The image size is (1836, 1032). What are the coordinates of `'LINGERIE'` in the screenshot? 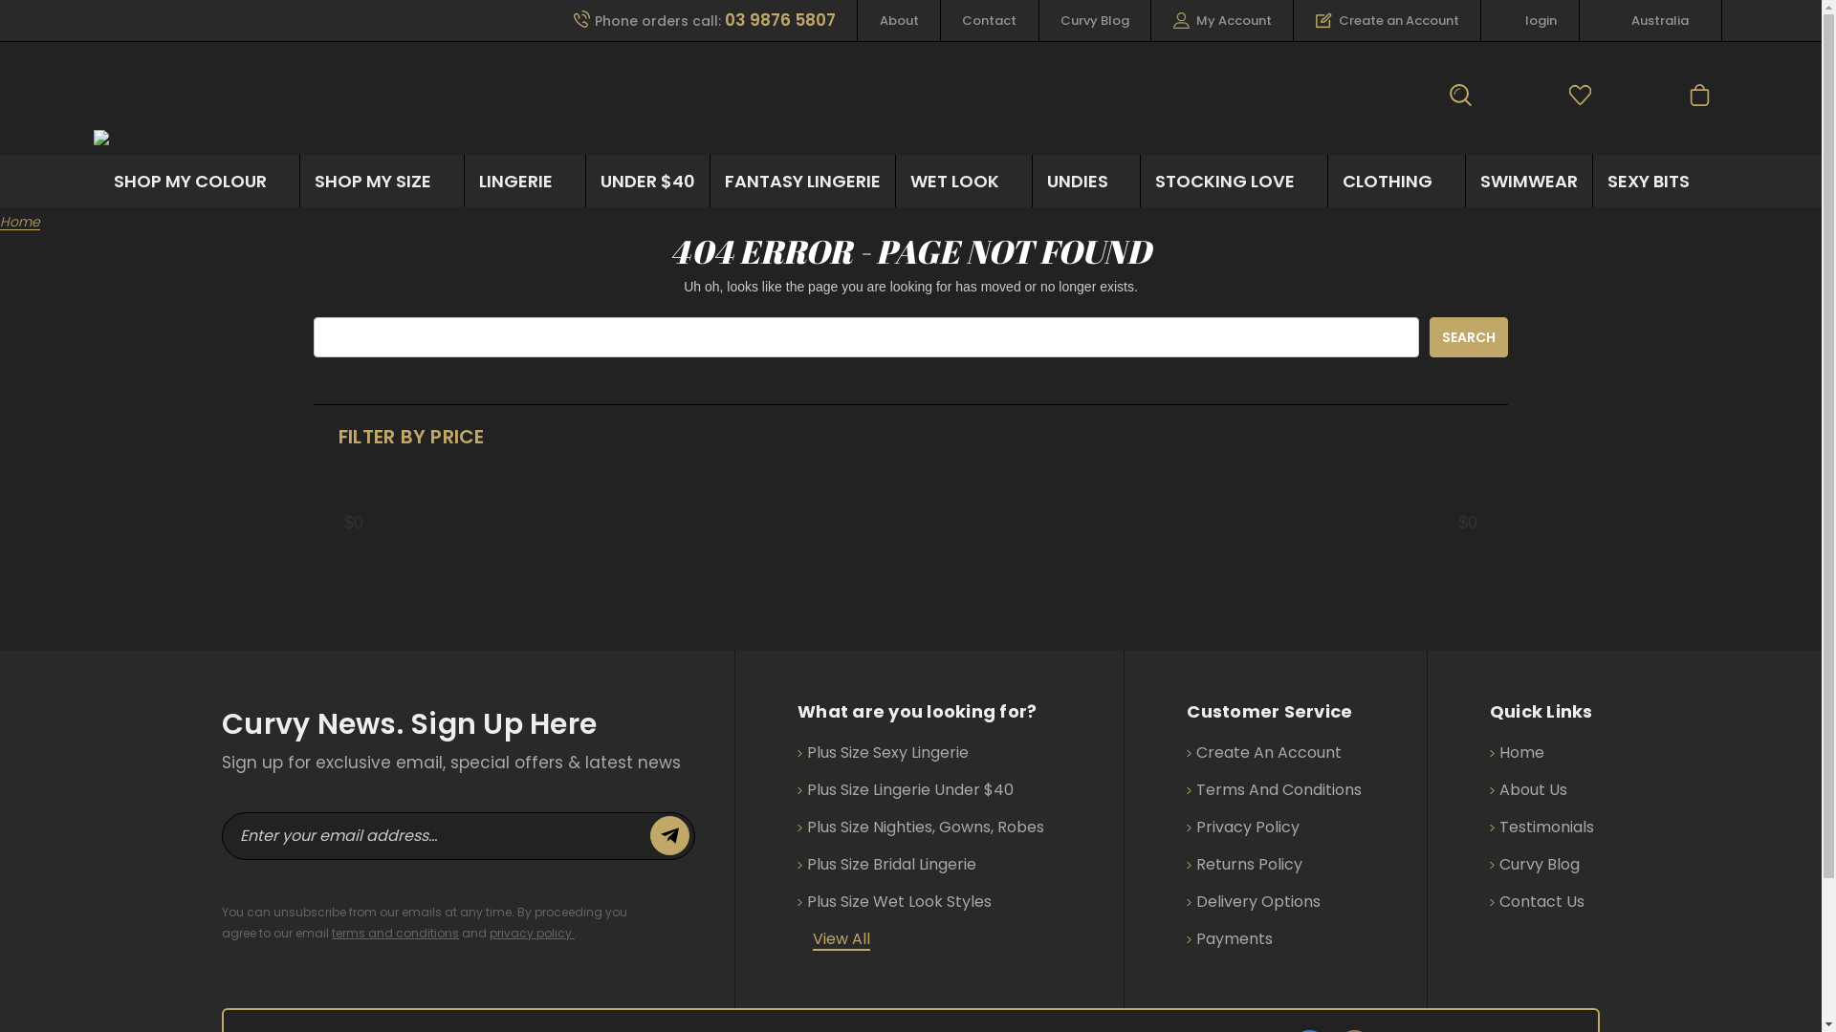 It's located at (524, 181).